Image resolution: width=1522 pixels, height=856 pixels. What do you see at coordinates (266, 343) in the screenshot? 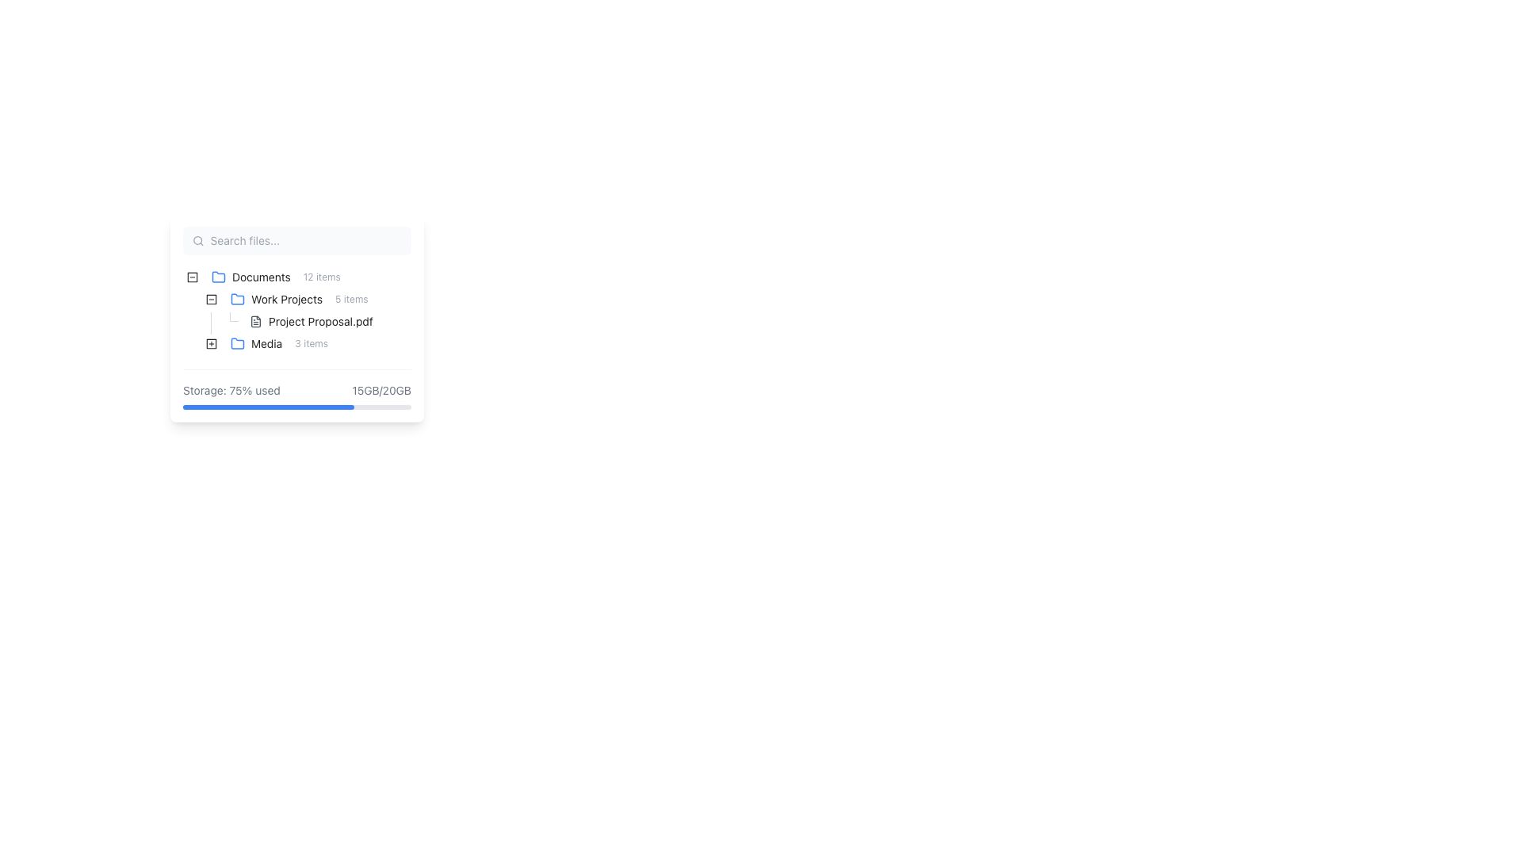
I see `the 'Media' text label, which is bold black and part of a file navigation interface, located between the folder icon and the '3 items' text` at bounding box center [266, 343].